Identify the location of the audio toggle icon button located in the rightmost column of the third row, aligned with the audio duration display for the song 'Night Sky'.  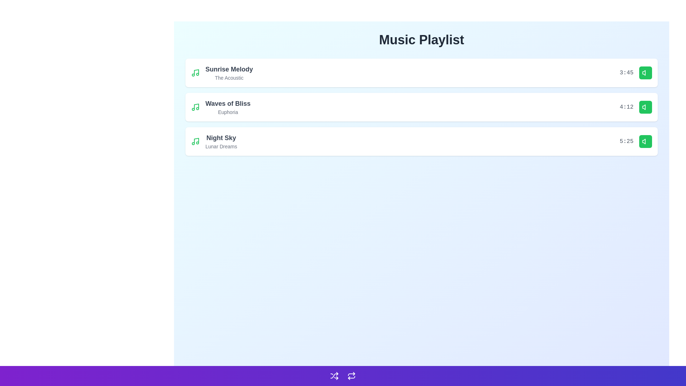
(645, 73).